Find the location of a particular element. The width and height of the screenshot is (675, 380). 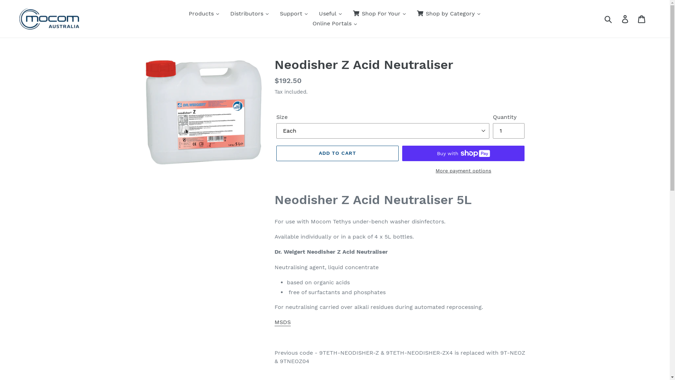

'Online Portals' is located at coordinates (307, 23).